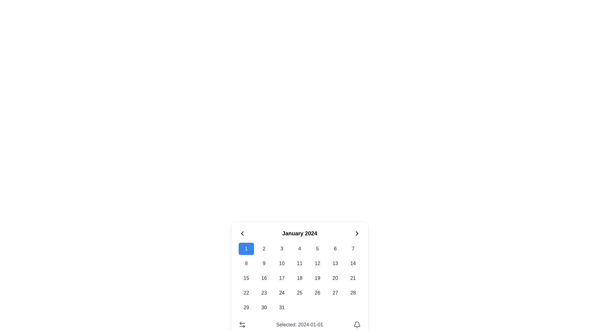 This screenshot has height=331, width=589. I want to click on the selectable calendar day cell for the date '8' located in the second row and first column of the calendar grid, so click(246, 263).